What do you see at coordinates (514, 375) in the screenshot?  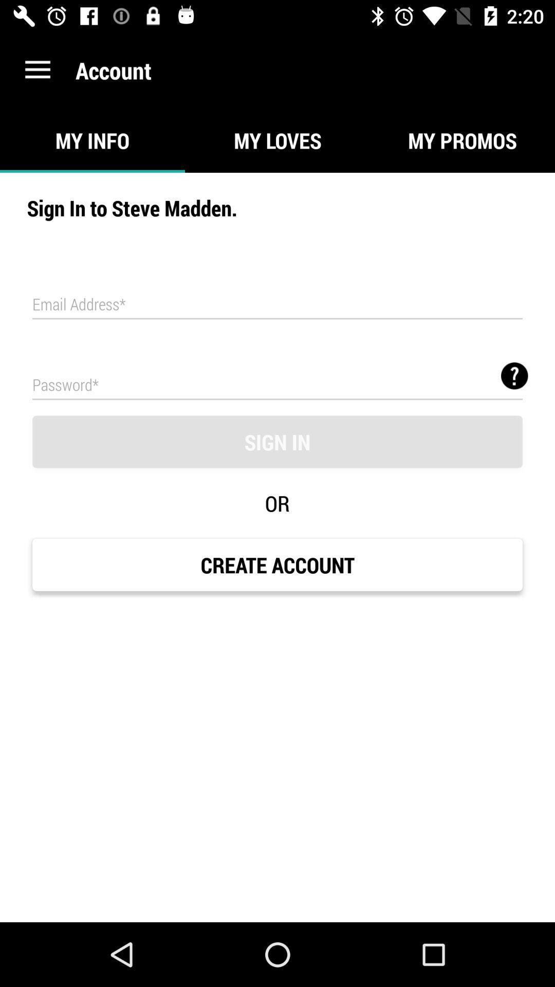 I see `the help icon` at bounding box center [514, 375].